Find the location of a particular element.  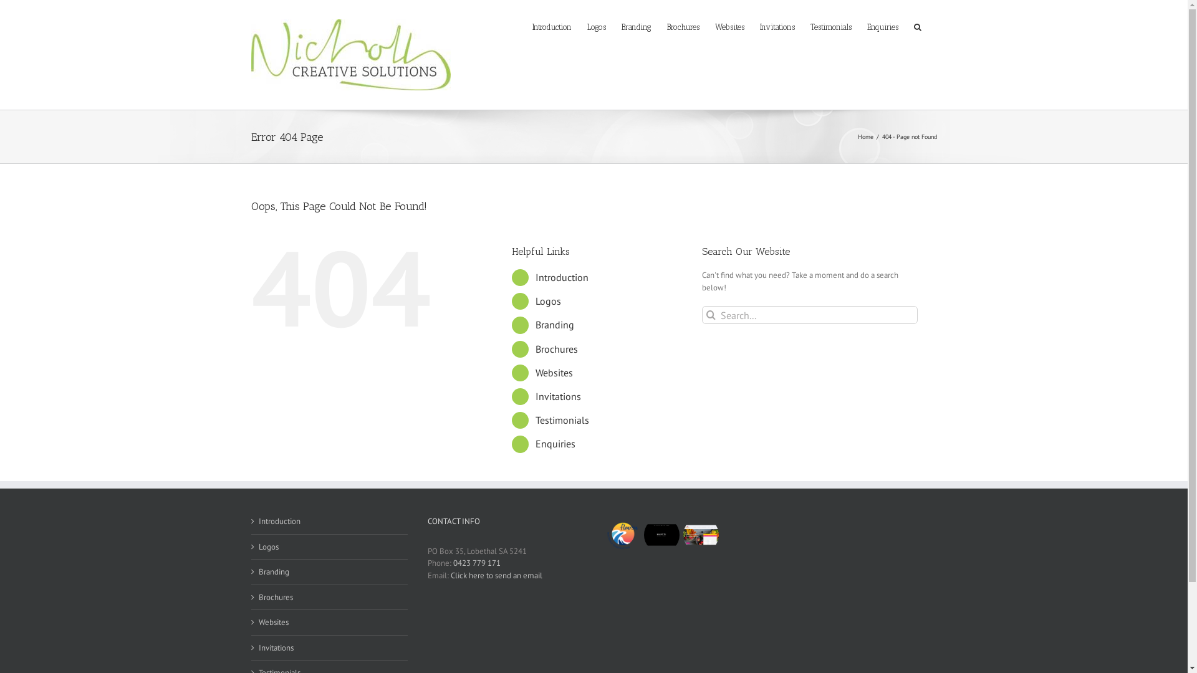

'Brochures' is located at coordinates (329, 596).